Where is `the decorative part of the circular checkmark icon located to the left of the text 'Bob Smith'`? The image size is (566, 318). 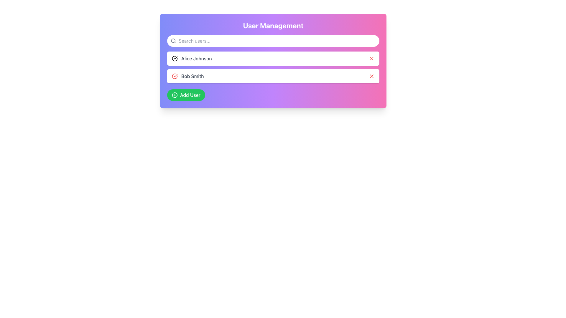 the decorative part of the circular checkmark icon located to the left of the text 'Bob Smith' is located at coordinates (175, 76).